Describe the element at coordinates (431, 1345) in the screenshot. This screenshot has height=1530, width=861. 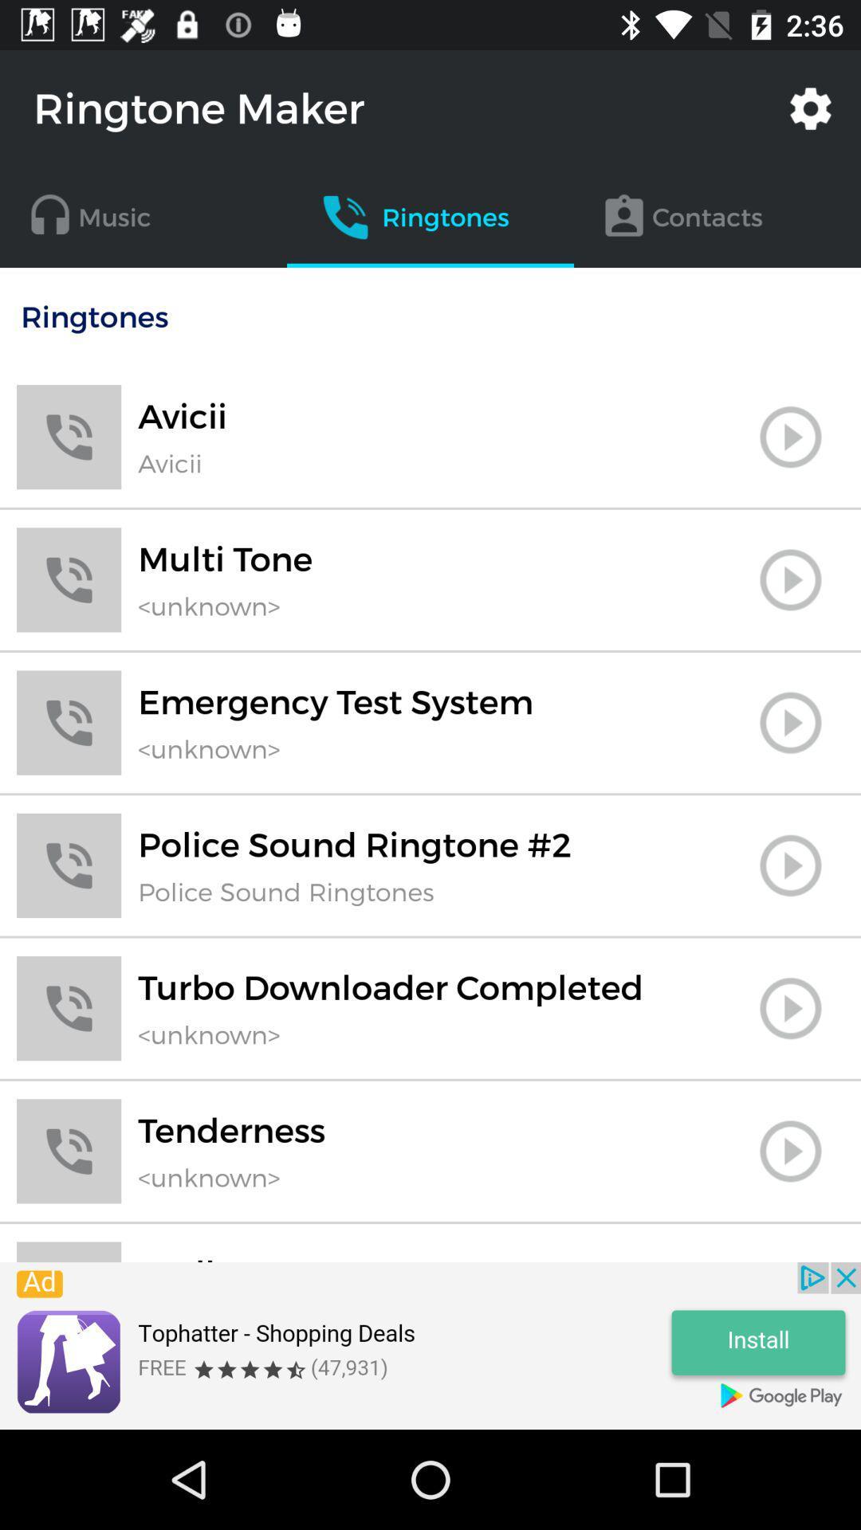
I see `advert pop up` at that location.